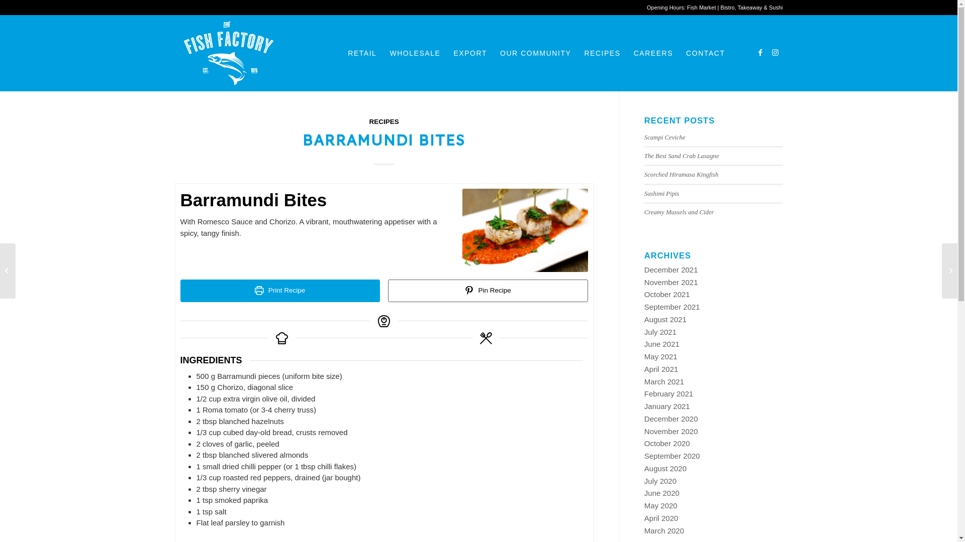  I want to click on 'Facebook', so click(760, 52).